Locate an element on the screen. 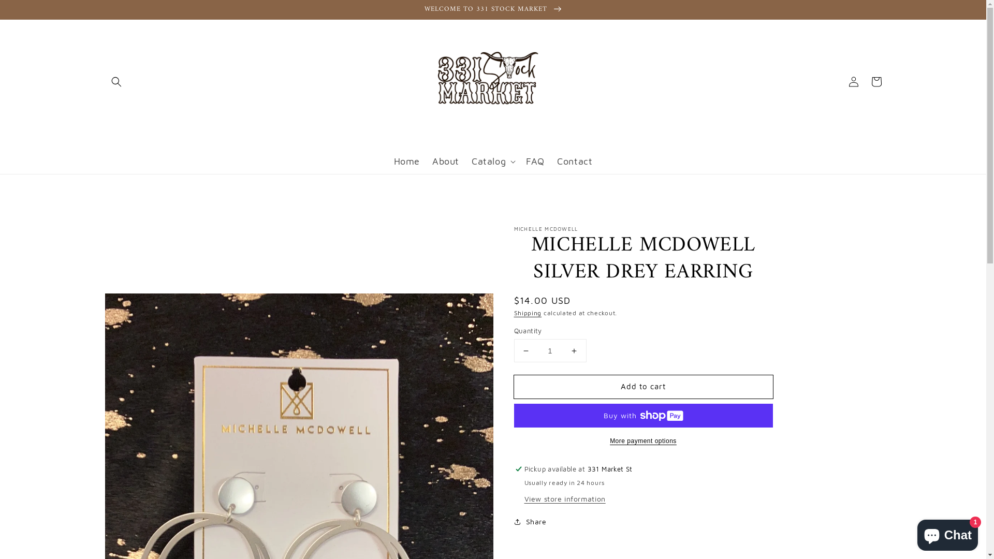 This screenshot has width=994, height=559. 'View store information' is located at coordinates (564, 498).